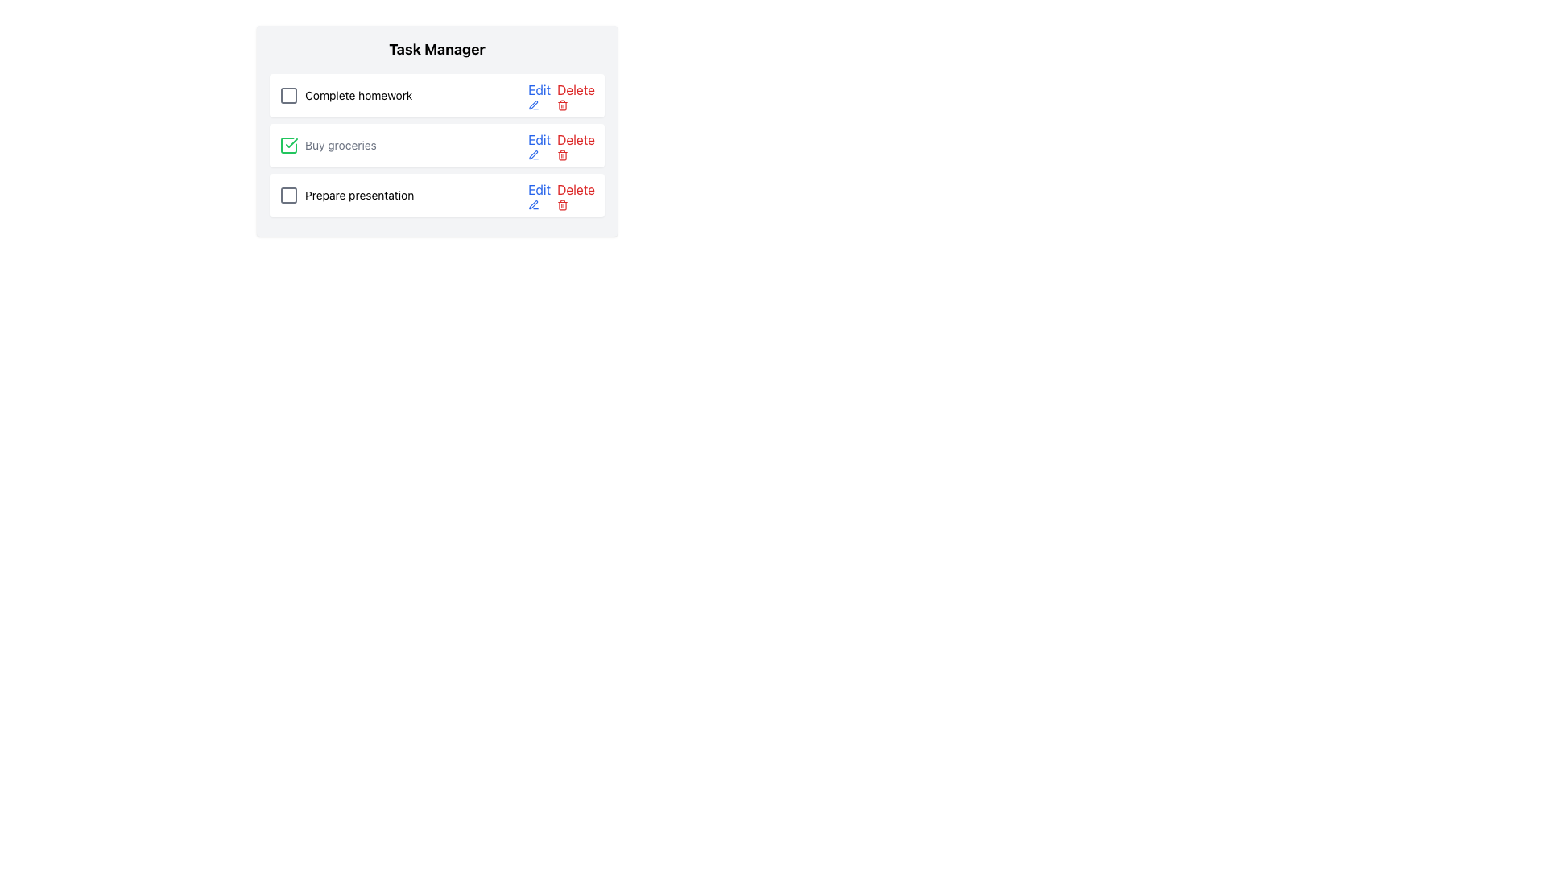  Describe the element at coordinates (576, 195) in the screenshot. I see `the 'Delete' button located in the task management interface` at that location.